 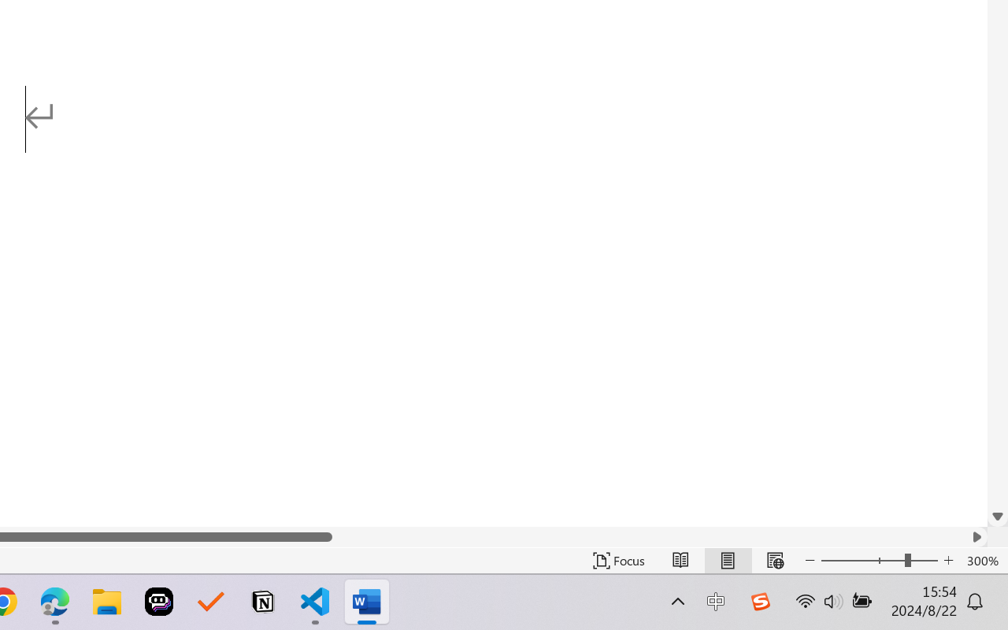 I want to click on 'Class: Image', so click(x=760, y=602).